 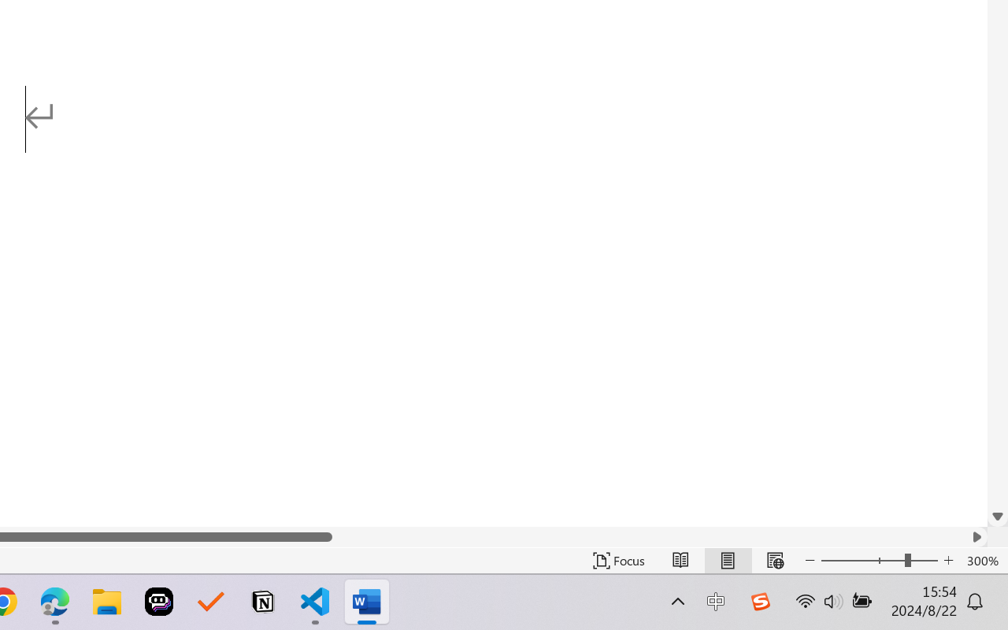 I want to click on 'Class: Image', so click(x=760, y=602).